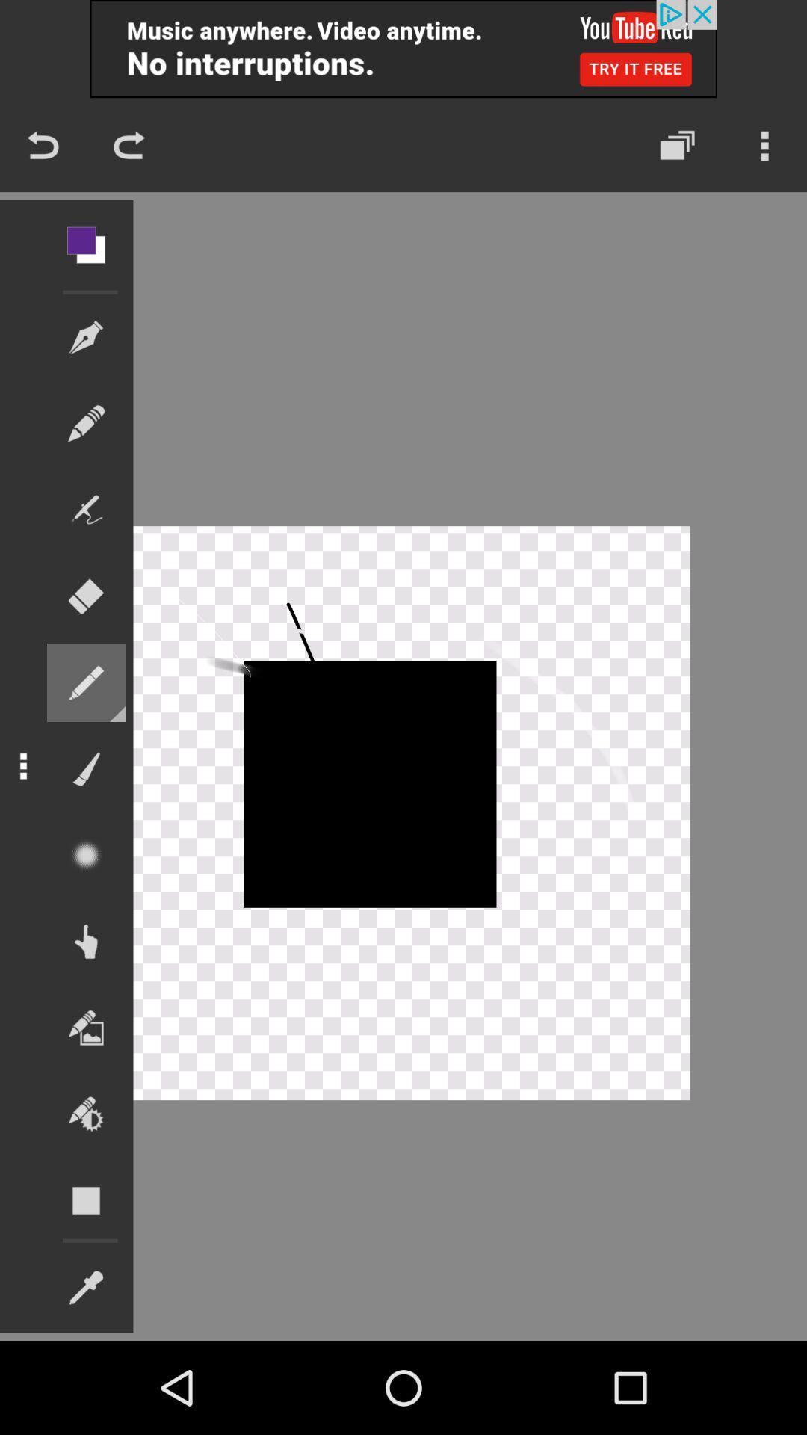 This screenshot has height=1435, width=807. I want to click on the more icon, so click(23, 766).